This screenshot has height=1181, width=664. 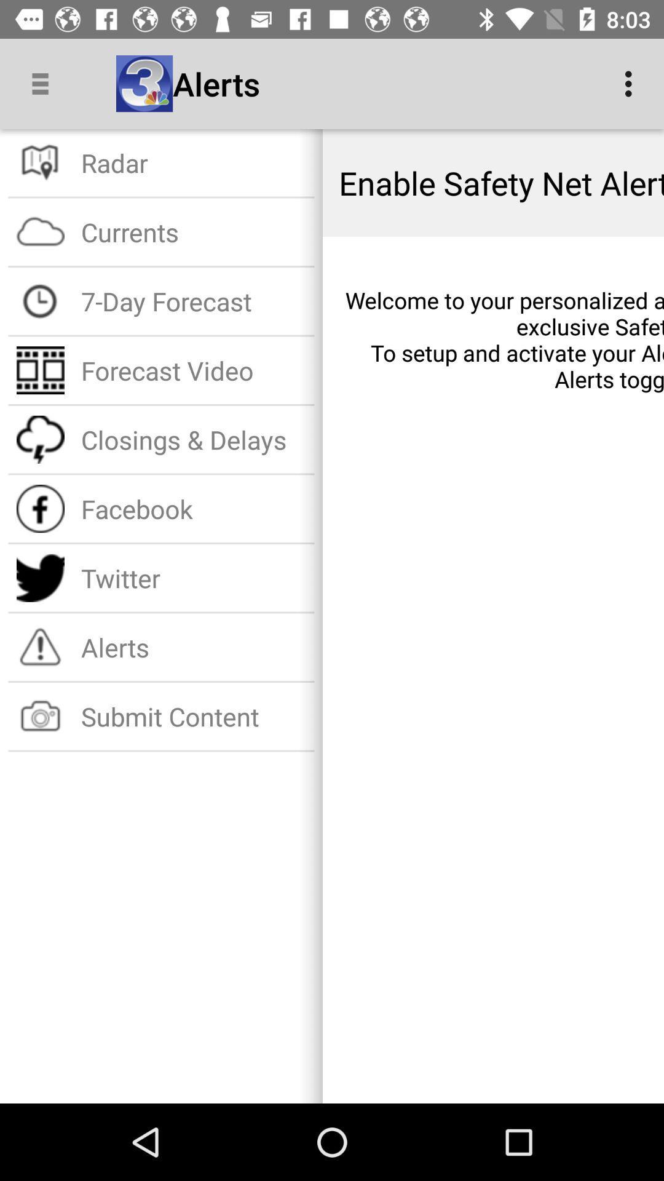 What do you see at coordinates (194, 301) in the screenshot?
I see `icon to the left of welcome to your` at bounding box center [194, 301].